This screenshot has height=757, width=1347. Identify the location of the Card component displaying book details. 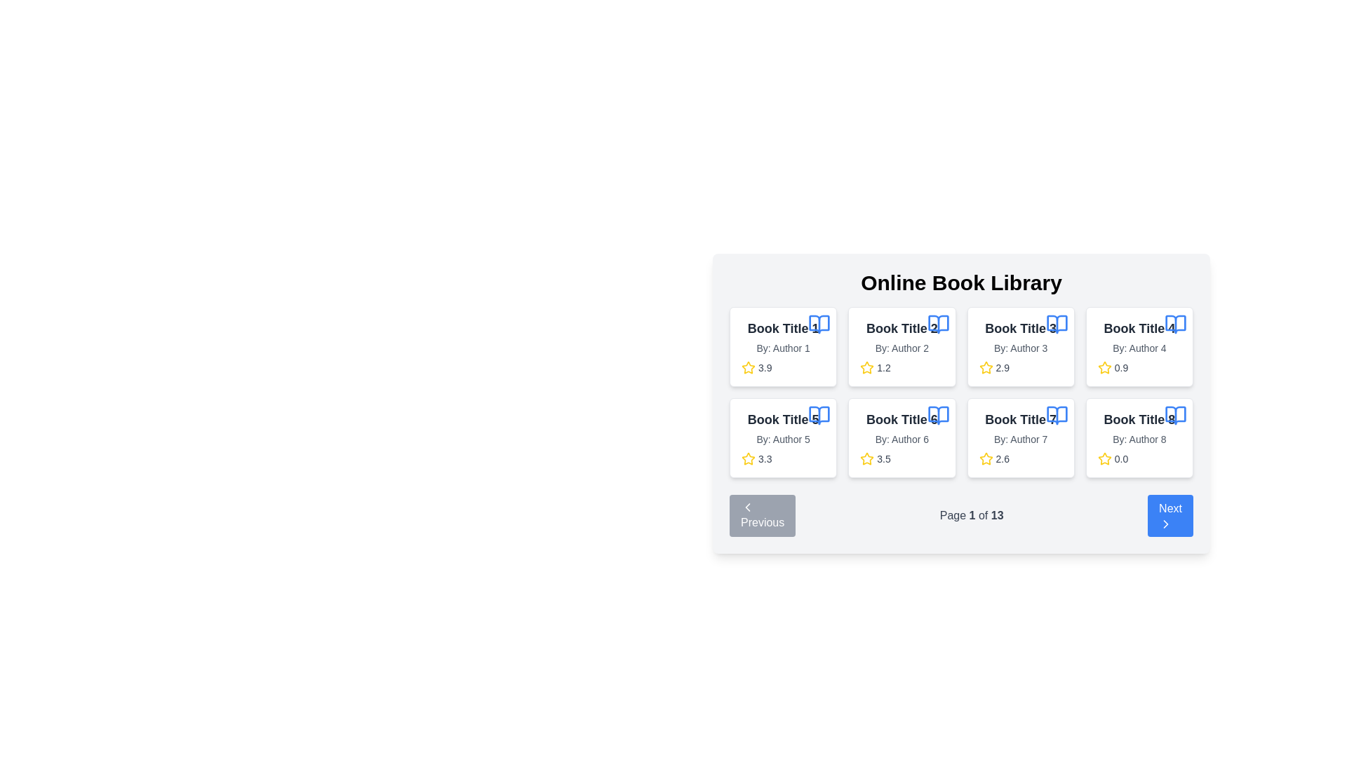
(1139, 346).